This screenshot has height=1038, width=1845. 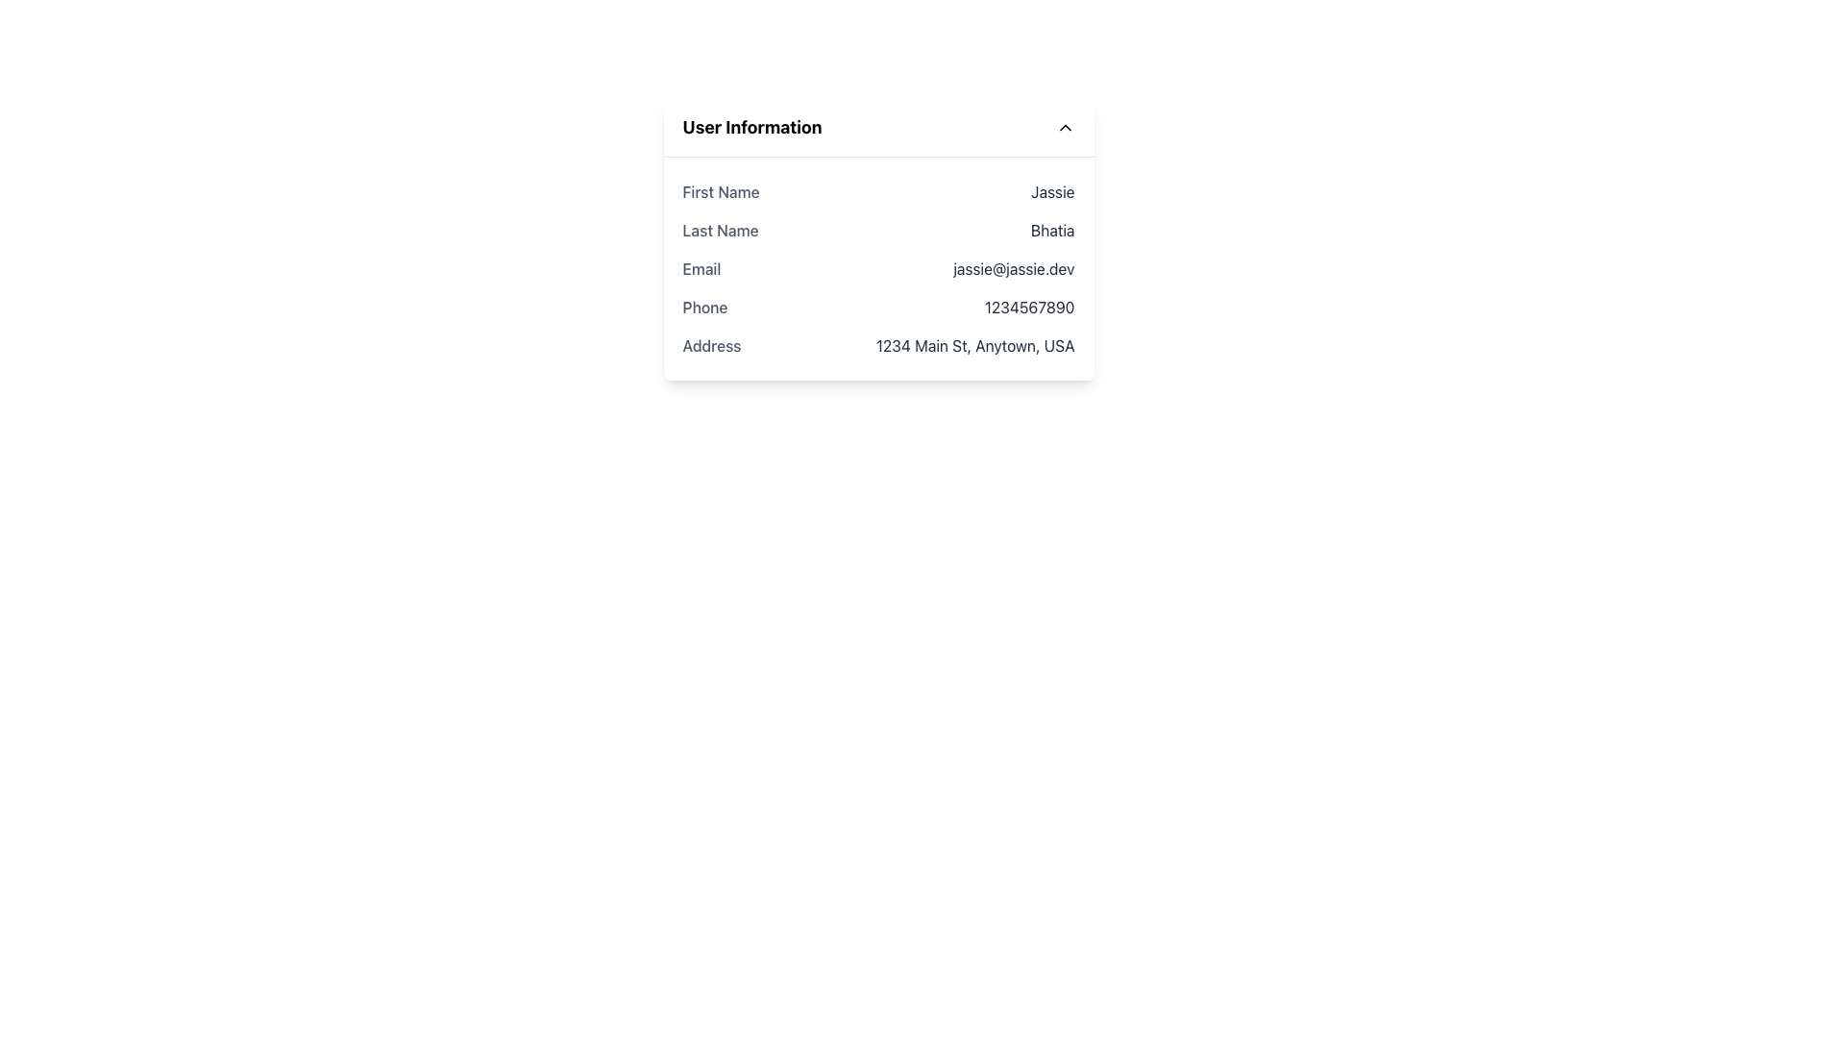 I want to click on the 'Address' Text Display Pair element, which displays the address '1234 Main St, Anytown, USA' below the 'Phone' entry in the User Information section, so click(x=877, y=344).